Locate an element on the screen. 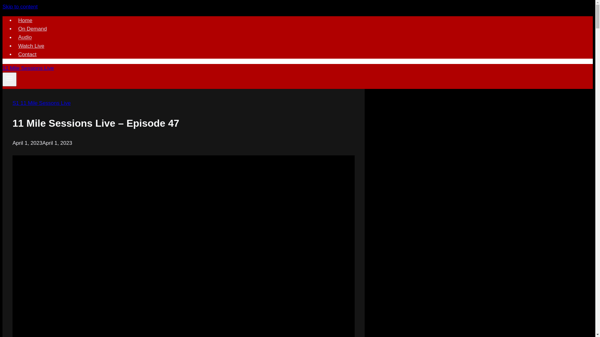  'Home' is located at coordinates (25, 20).